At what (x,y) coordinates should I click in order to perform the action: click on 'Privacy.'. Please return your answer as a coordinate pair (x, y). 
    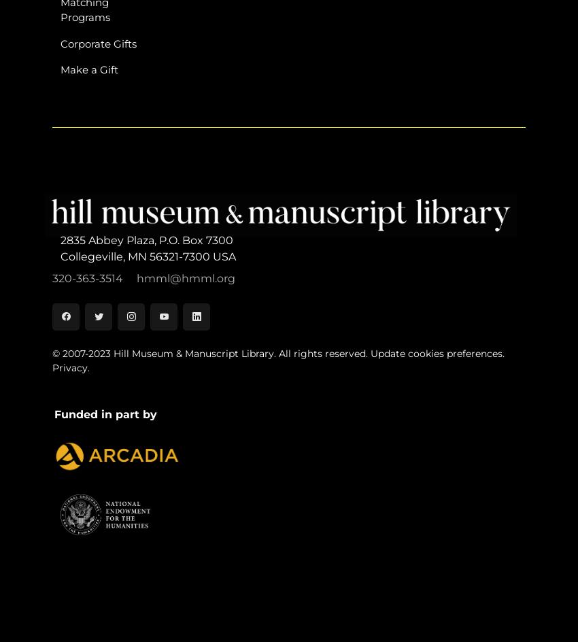
    Looking at the image, I should click on (70, 367).